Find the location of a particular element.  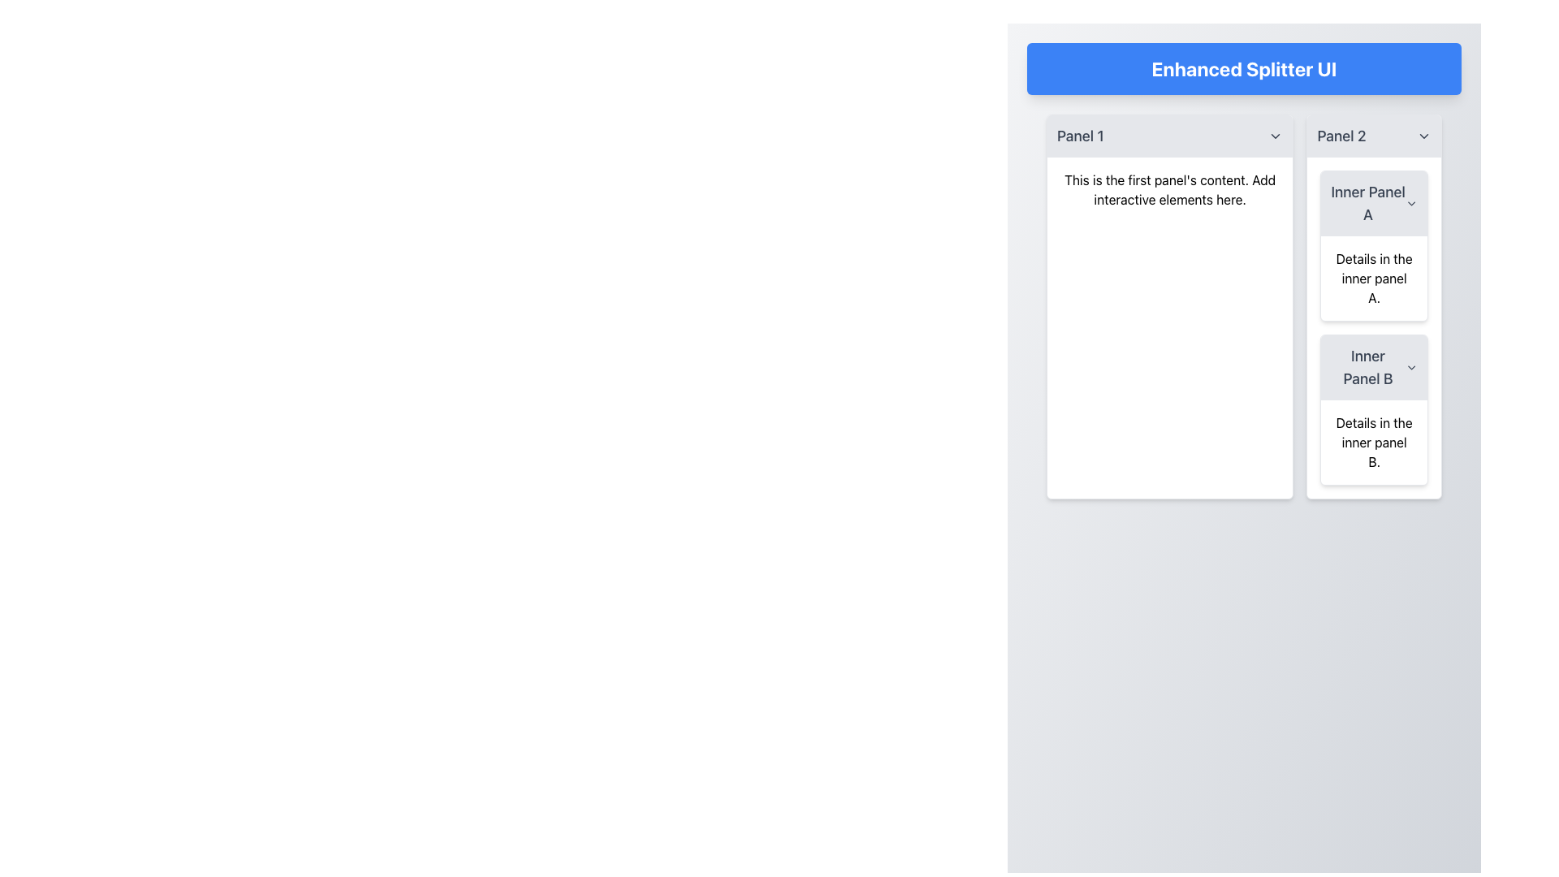

descriptive text within the 'Inner Panel B' located under 'Panel 2' is located at coordinates (1373, 442).